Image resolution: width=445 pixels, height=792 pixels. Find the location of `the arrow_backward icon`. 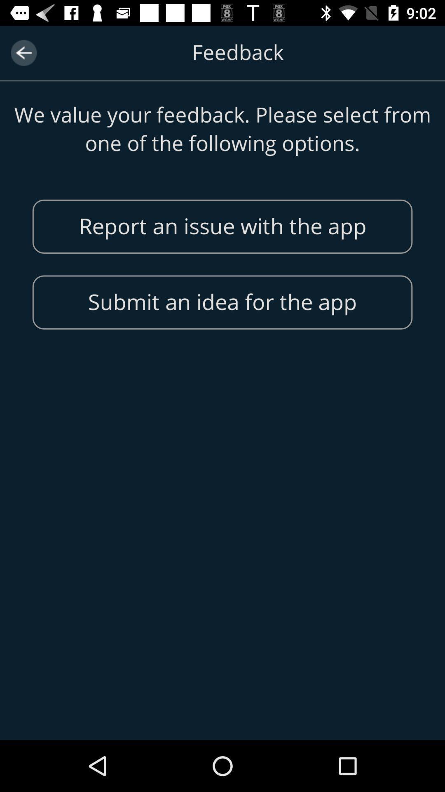

the arrow_backward icon is located at coordinates (23, 52).